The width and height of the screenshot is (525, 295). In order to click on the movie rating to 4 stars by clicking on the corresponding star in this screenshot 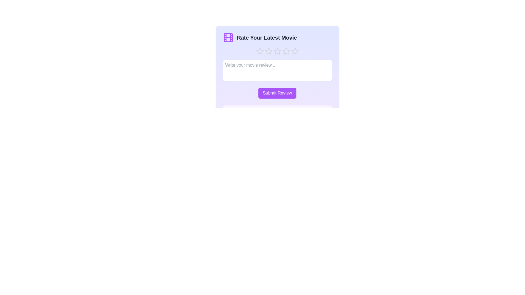, I will do `click(286, 51)`.